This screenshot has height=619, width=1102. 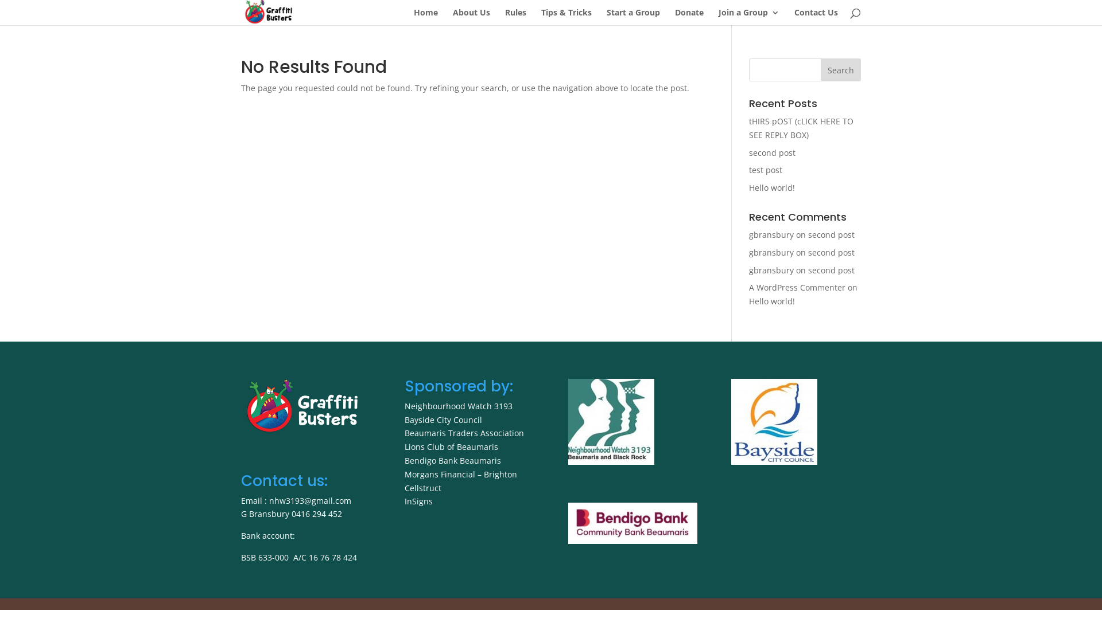 I want to click on 'second post', so click(x=831, y=270).